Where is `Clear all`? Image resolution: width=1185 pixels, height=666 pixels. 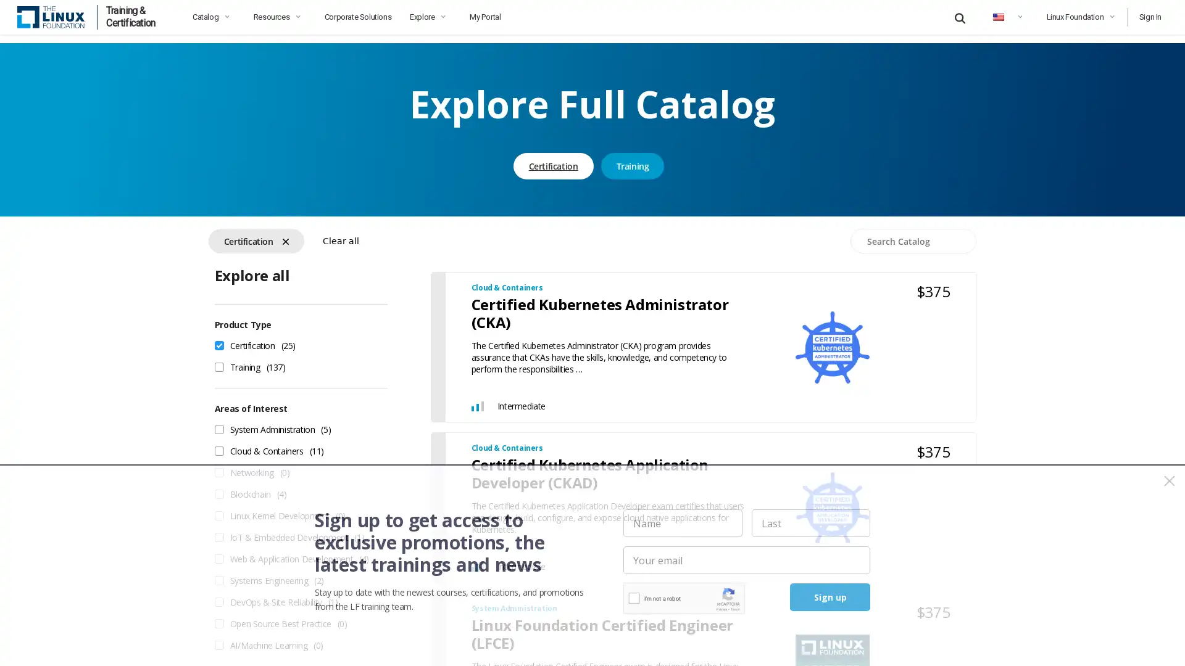 Clear all is located at coordinates (340, 232).